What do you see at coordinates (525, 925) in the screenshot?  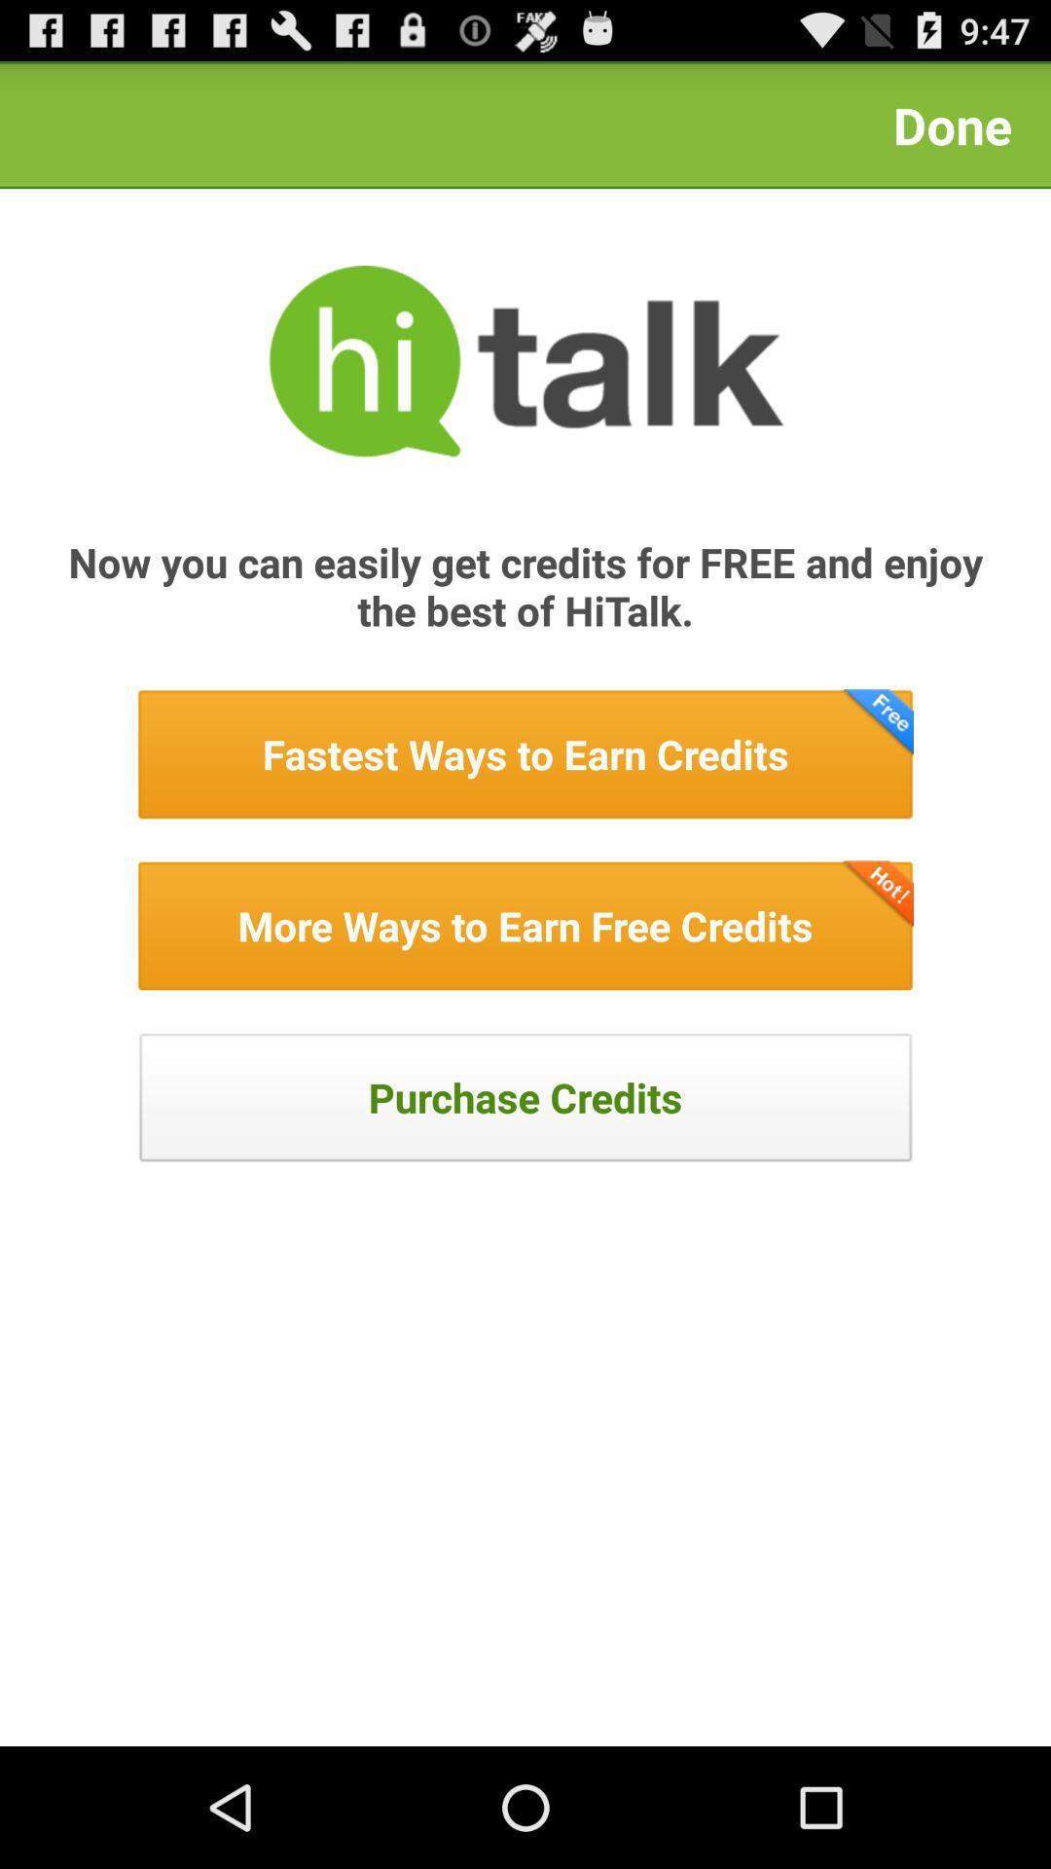 I see `option` at bounding box center [525, 925].